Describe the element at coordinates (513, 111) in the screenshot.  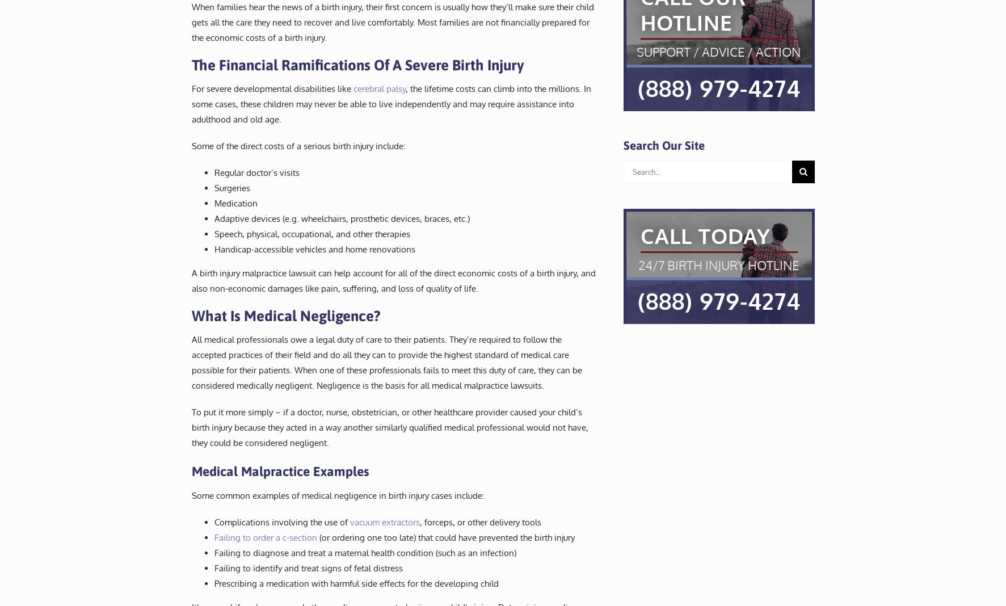
I see `'Wisconsin'` at that location.